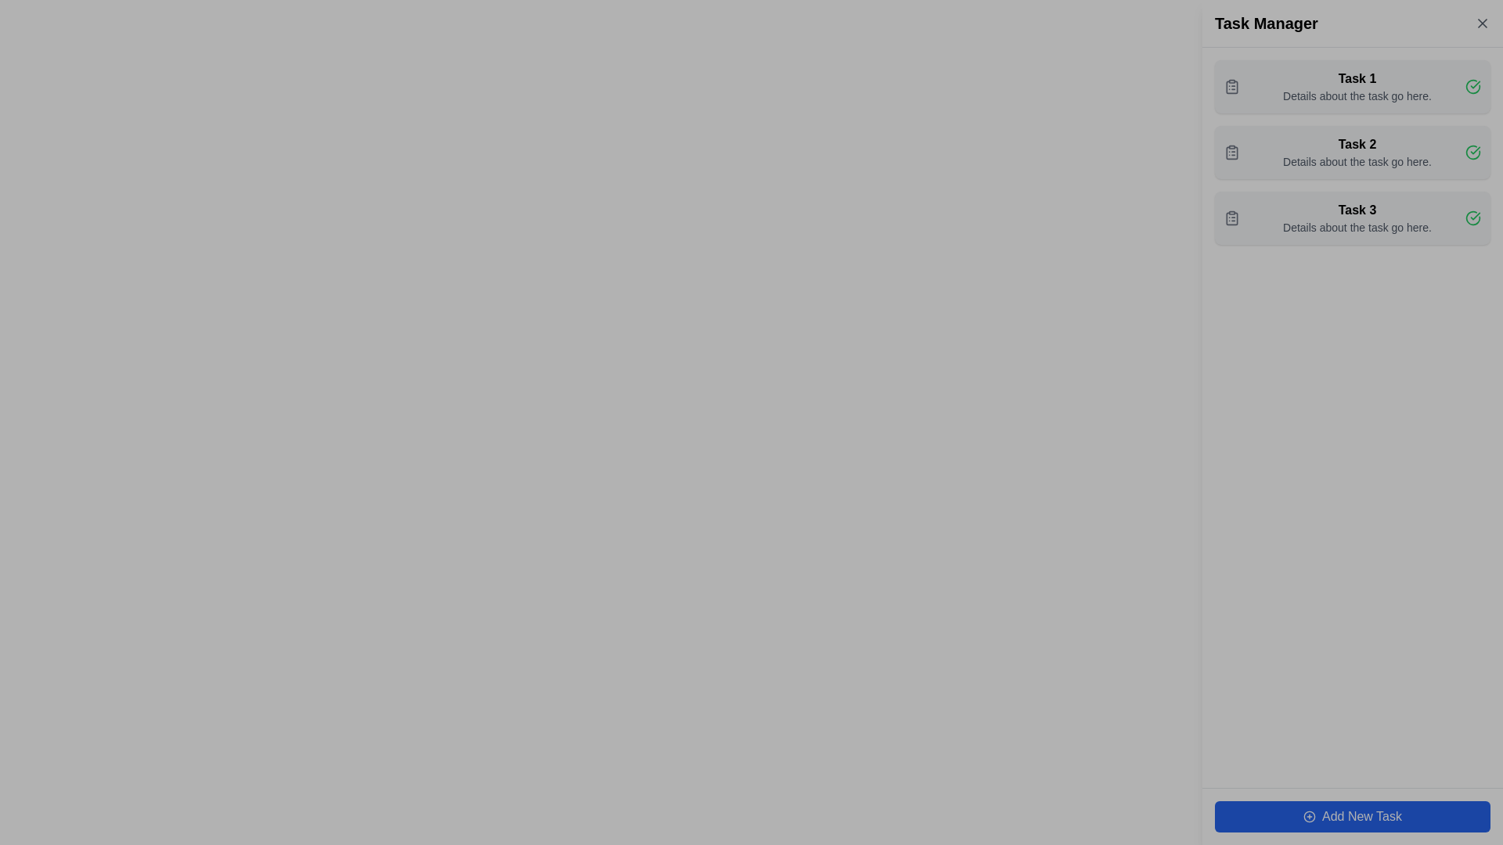  Describe the element at coordinates (1472, 218) in the screenshot. I see `the status indicator icon located on the far right side of the 'Task 3' row` at that location.